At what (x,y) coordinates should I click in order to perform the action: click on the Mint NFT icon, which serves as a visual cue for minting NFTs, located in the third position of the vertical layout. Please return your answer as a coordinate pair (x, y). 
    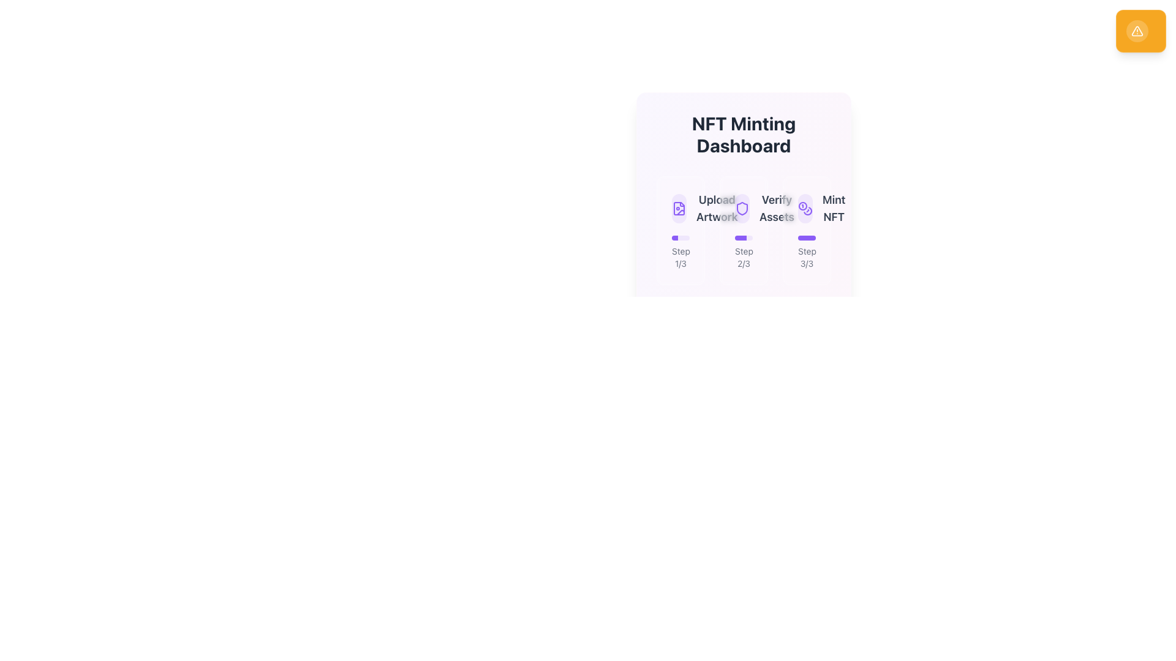
    Looking at the image, I should click on (805, 207).